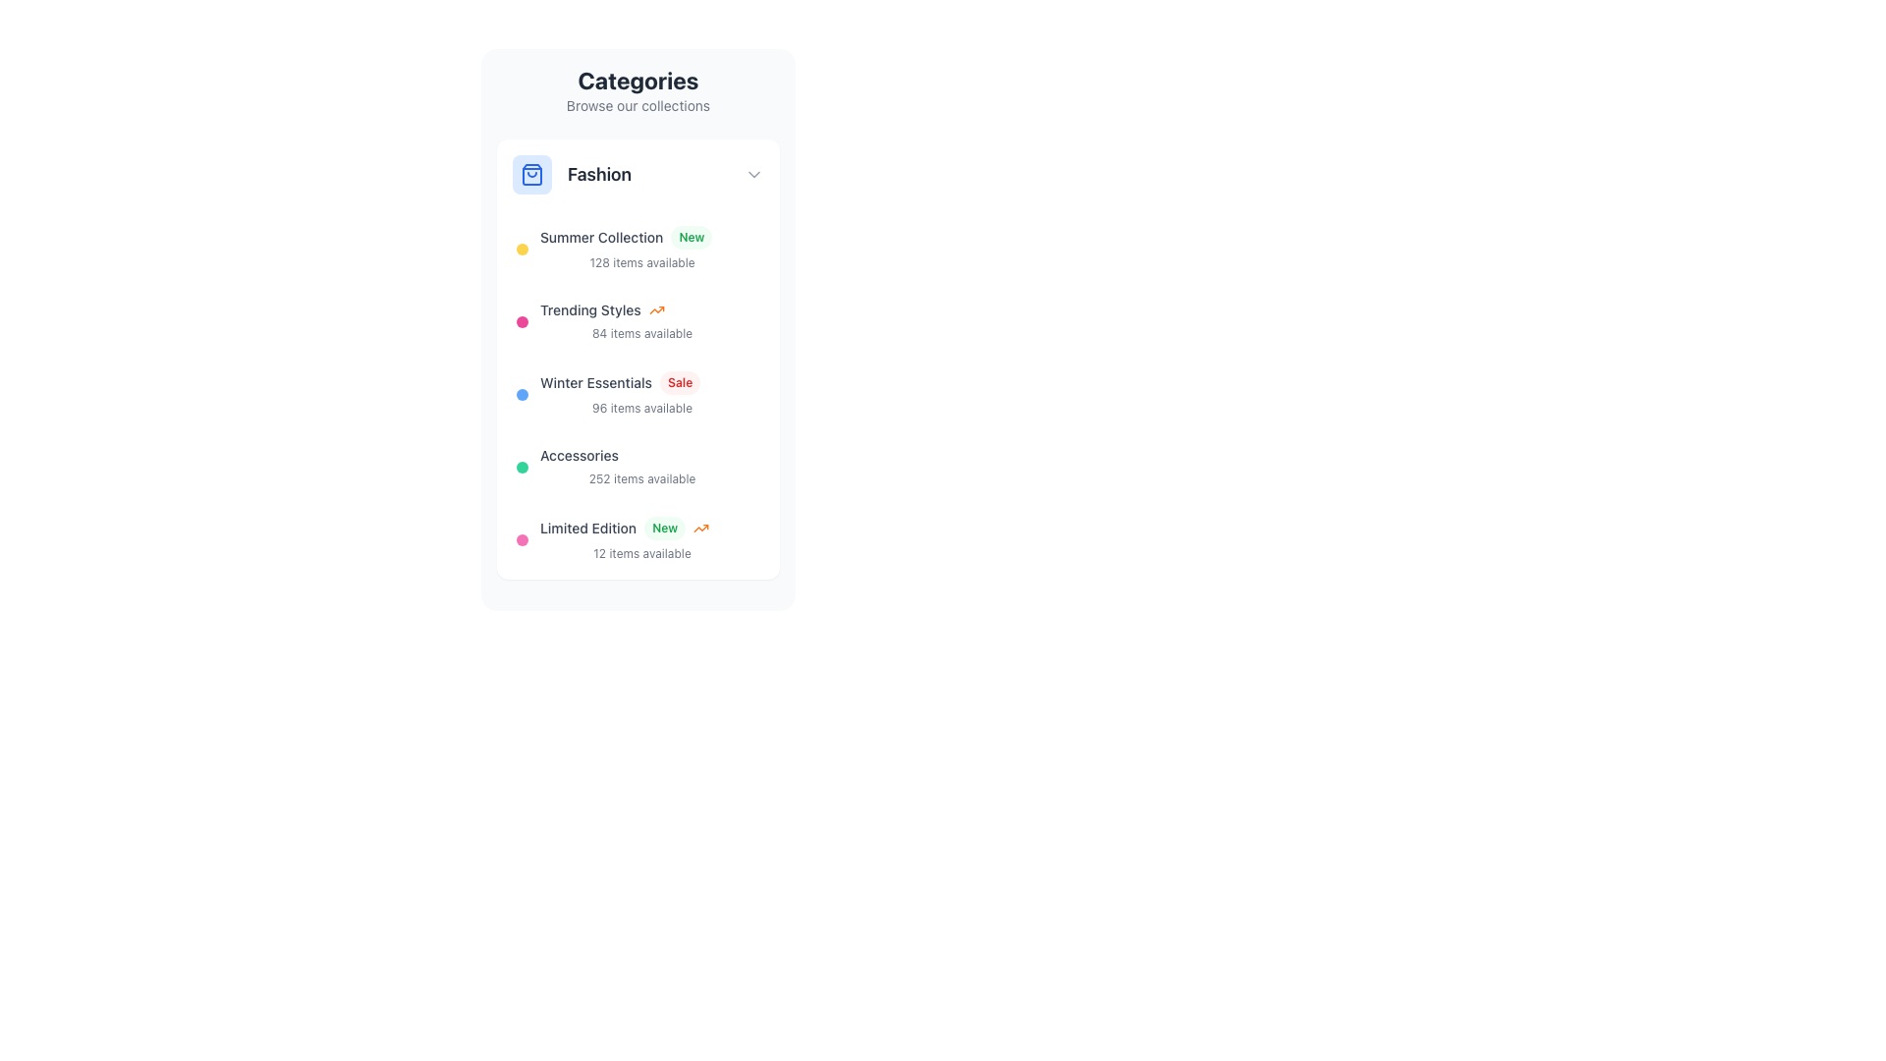  I want to click on the decorative Icon representing the 'Fashion' category, which is positioned to the left of the 'Fashion' text in the navigation panel, so click(532, 173).